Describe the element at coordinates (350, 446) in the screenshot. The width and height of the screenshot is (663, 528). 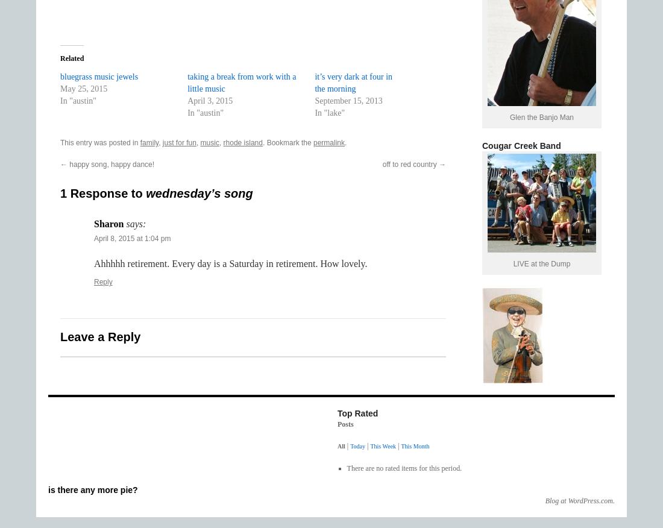
I see `'Today'` at that location.